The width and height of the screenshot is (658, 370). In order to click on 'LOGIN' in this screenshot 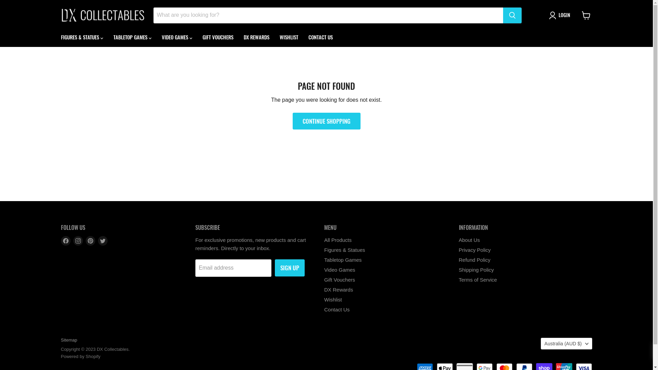, I will do `click(561, 15)`.